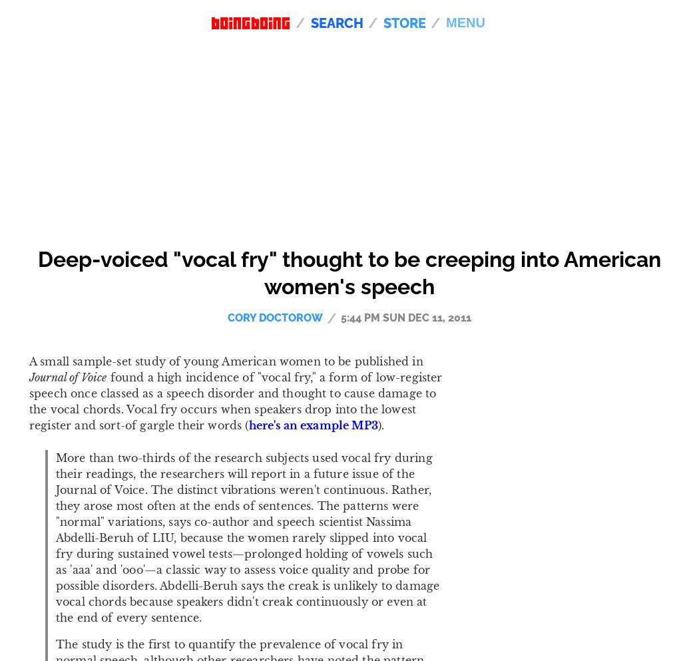 This screenshot has height=661, width=699. What do you see at coordinates (439, 316) in the screenshot?
I see `'Dec 11, 2011'` at bounding box center [439, 316].